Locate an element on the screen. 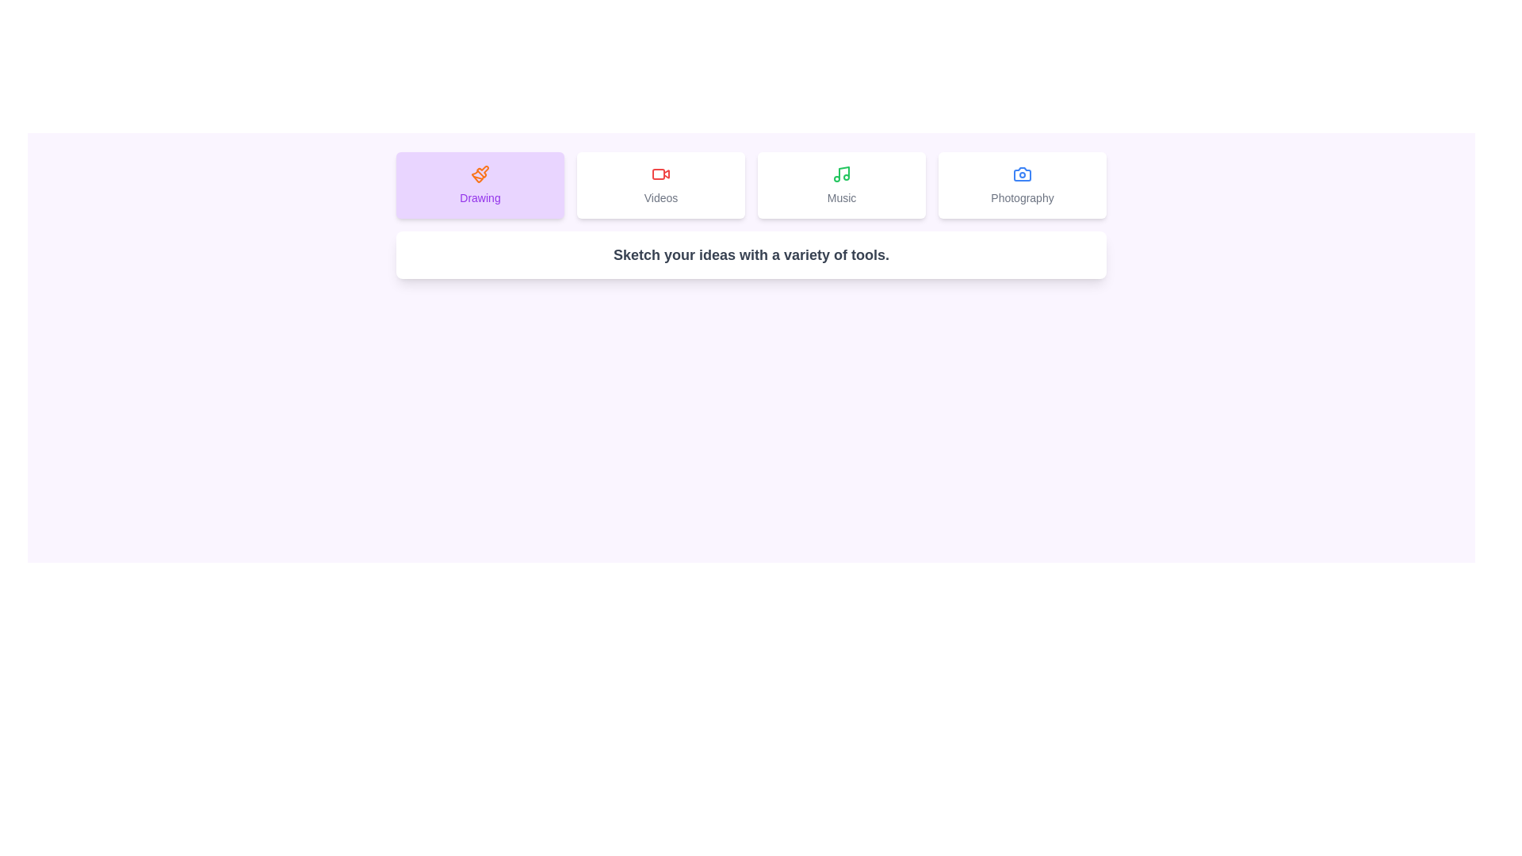 This screenshot has width=1522, height=856. the Photography tab to activate it is located at coordinates (1023, 185).